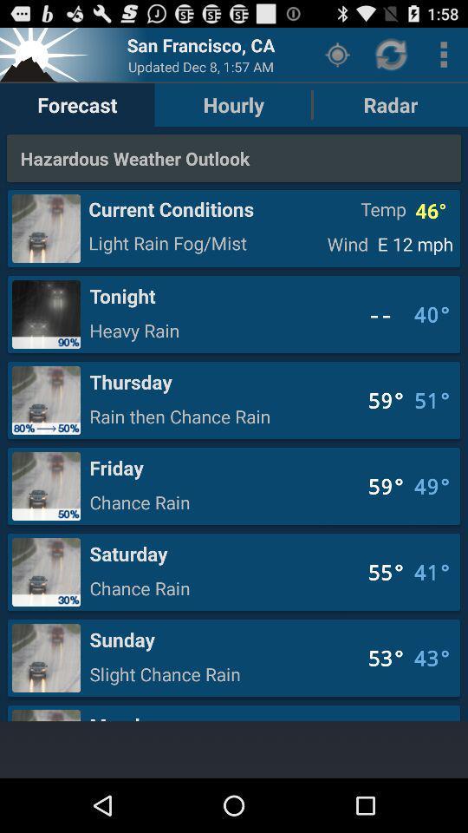 Image resolution: width=468 pixels, height=833 pixels. I want to click on the more icon, so click(444, 58).